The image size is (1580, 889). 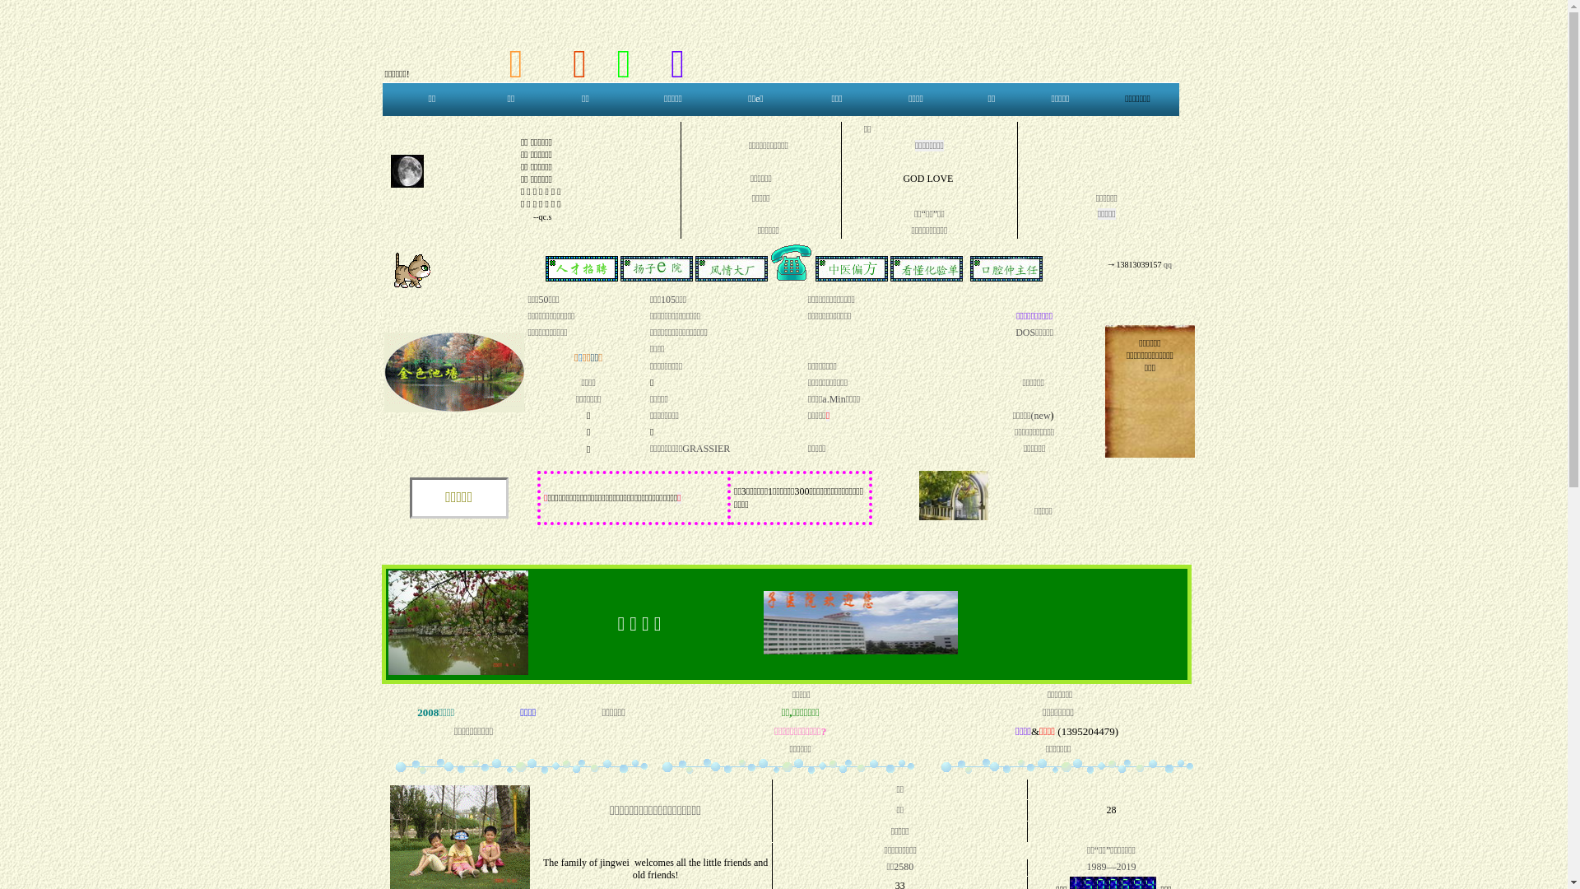 I want to click on ' qq', so click(x=1166, y=263).